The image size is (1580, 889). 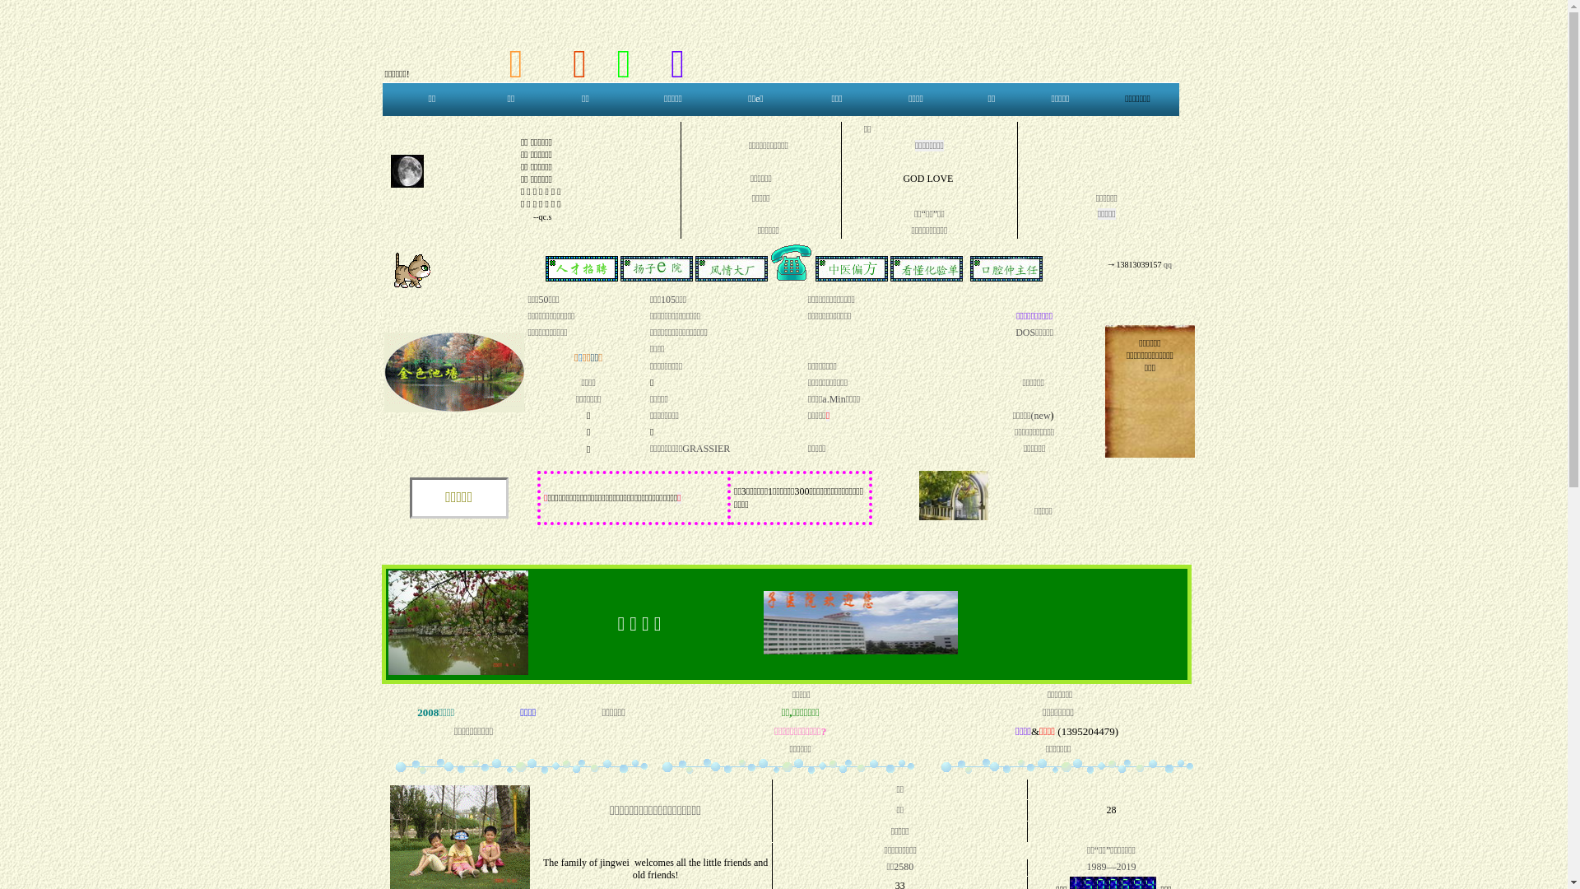 I want to click on ' qq', so click(x=1166, y=263).